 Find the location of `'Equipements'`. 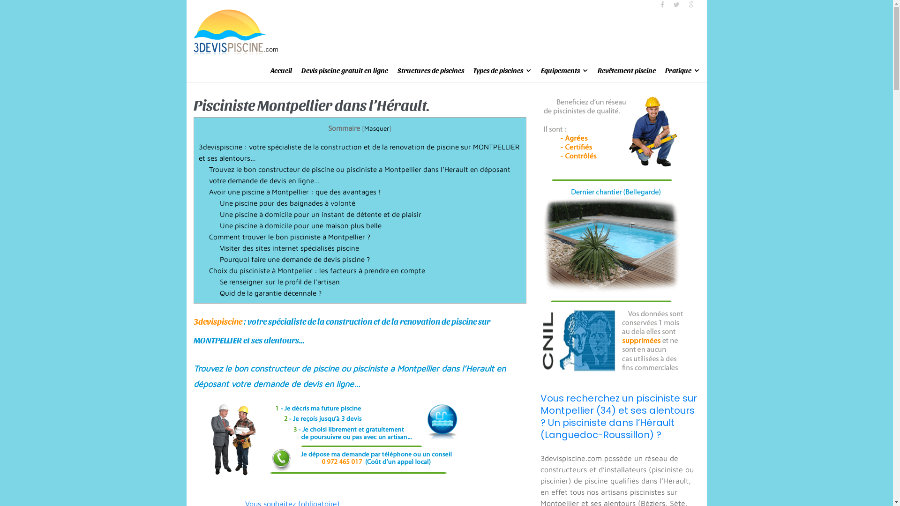

'Equipements' is located at coordinates (540, 70).